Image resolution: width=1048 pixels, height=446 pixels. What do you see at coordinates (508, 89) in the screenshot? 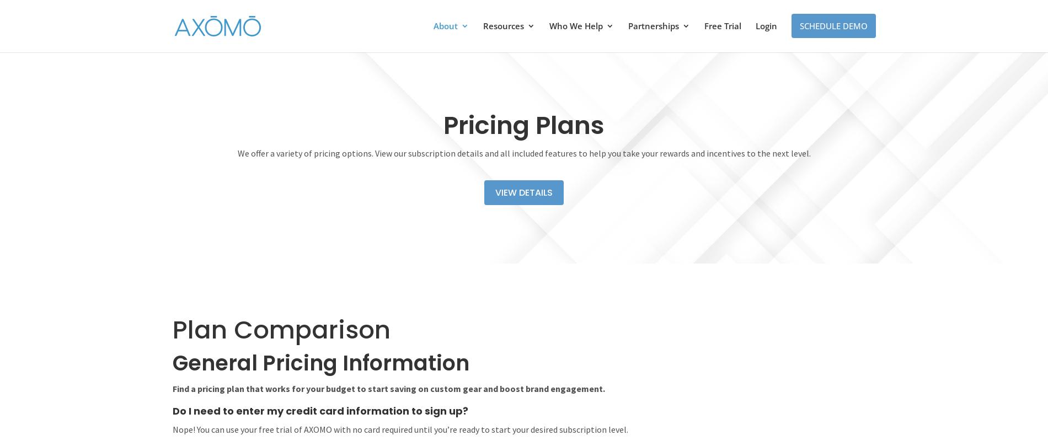
I see `'Blog'` at bounding box center [508, 89].